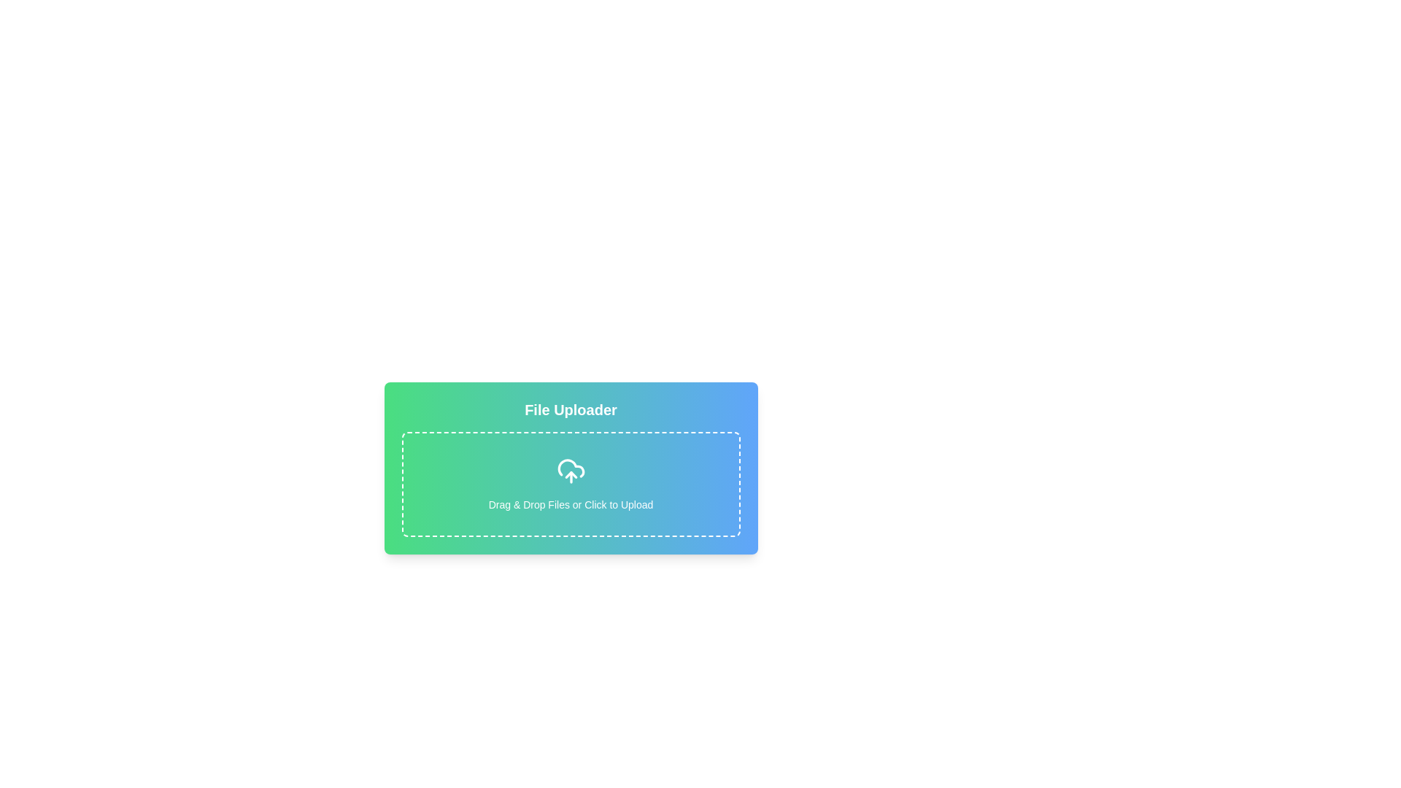  I want to click on and drop files into the File upload area, which is a large rectangular area with a dashed border and a gradient background, containing an upload icon and the text 'Drag & Drop Files or Click, so click(570, 484).